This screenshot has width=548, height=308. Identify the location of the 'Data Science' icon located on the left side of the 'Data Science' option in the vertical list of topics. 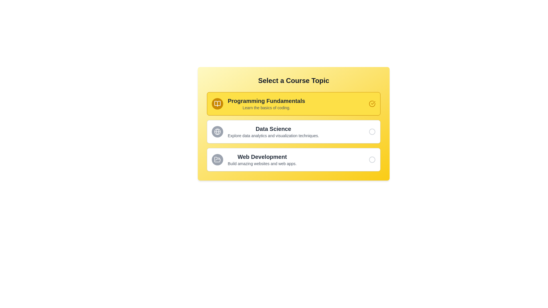
(217, 132).